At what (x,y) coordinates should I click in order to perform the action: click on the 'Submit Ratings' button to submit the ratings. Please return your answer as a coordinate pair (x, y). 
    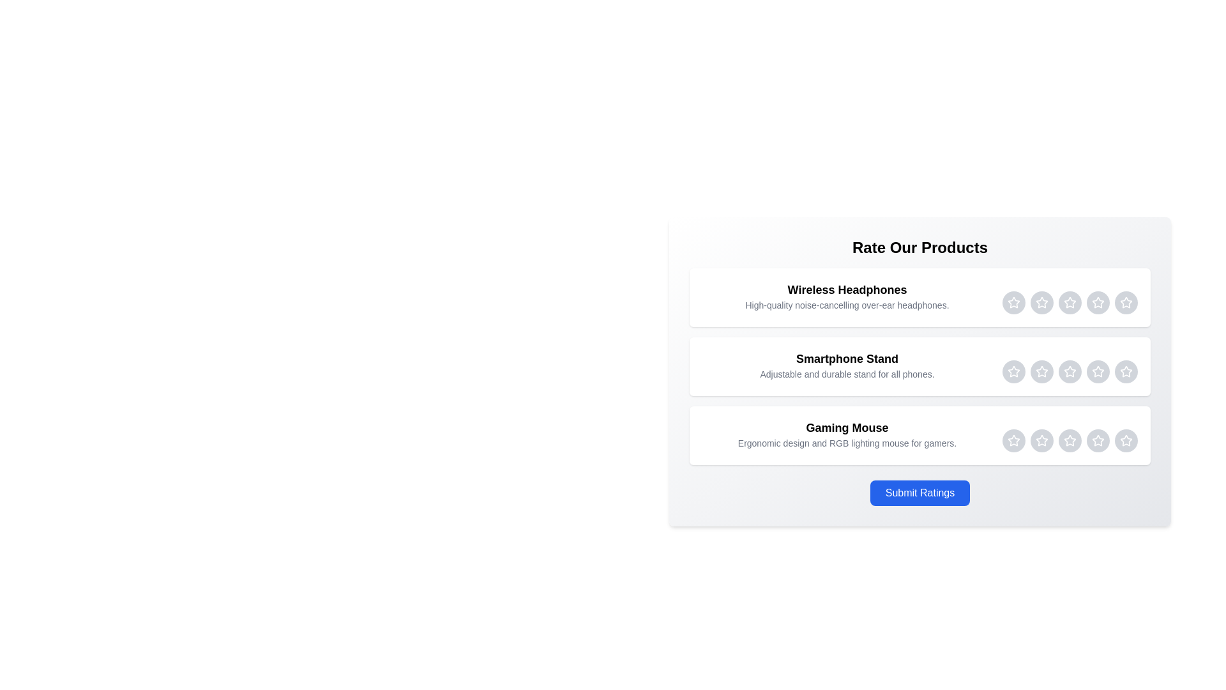
    Looking at the image, I should click on (919, 492).